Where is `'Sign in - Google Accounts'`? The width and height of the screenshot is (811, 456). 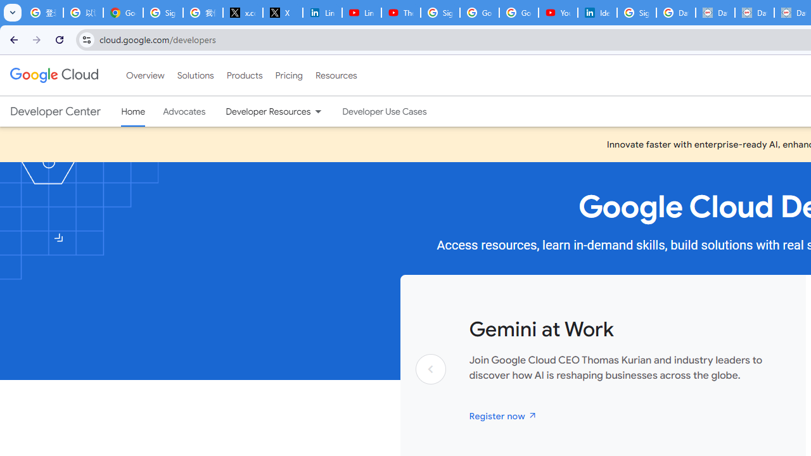 'Sign in - Google Accounts' is located at coordinates (636, 13).